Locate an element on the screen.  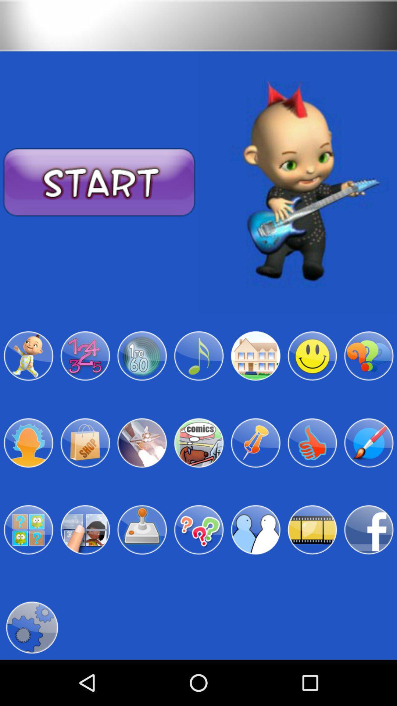
the settings icon is located at coordinates (32, 671).